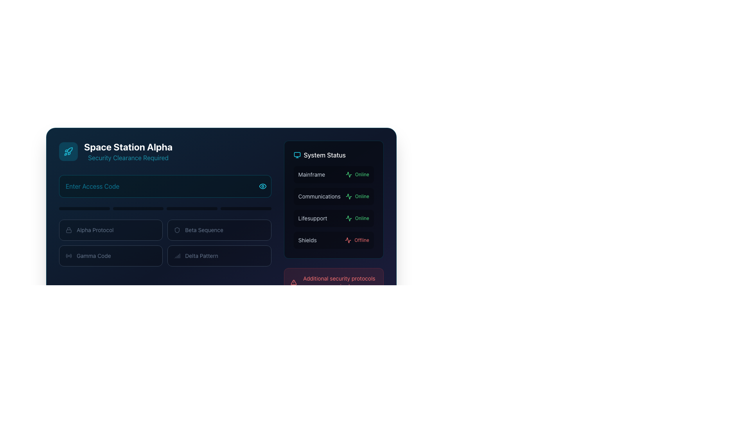 This screenshot has width=751, height=422. I want to click on the 'System Status' icon located at the top left corner of the 'System Status' section, adjacent to the label 'System Status', so click(296, 155).